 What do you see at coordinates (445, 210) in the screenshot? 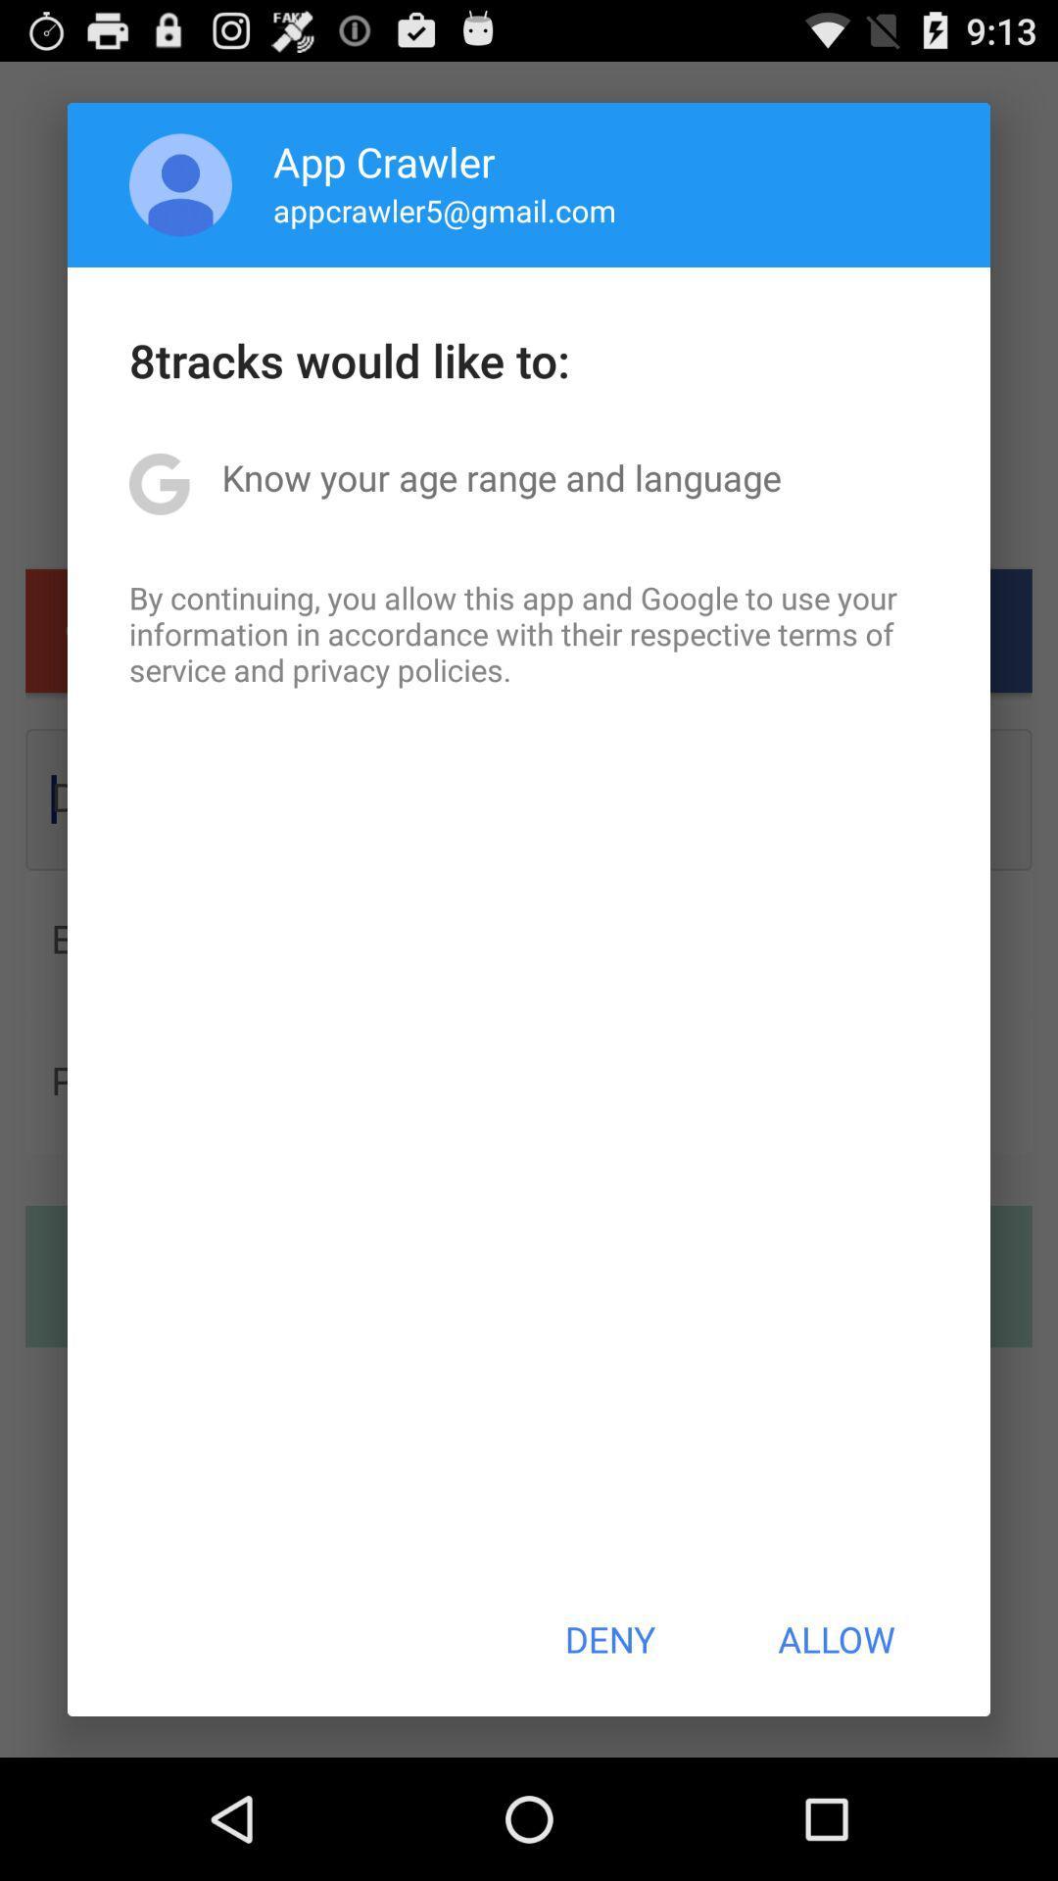
I see `appcrawler5@gmail.com app` at bounding box center [445, 210].